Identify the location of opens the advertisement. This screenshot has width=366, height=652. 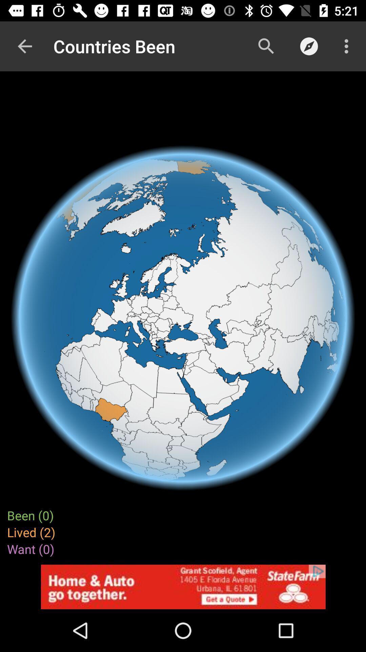
(183, 586).